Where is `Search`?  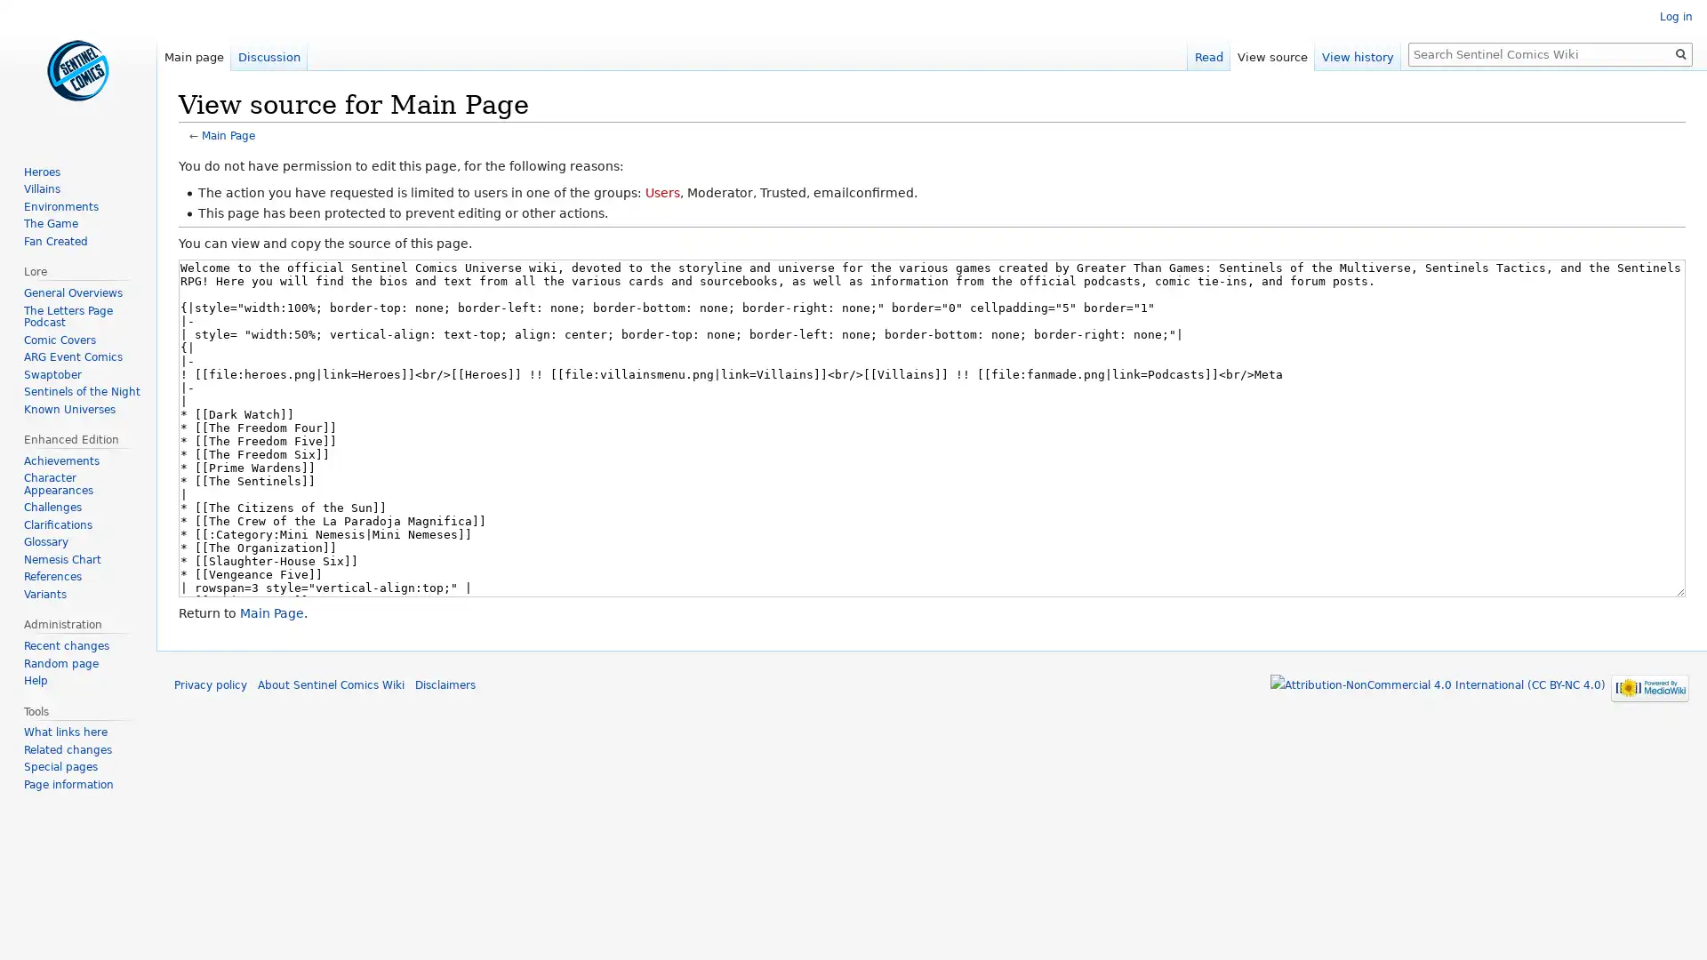 Search is located at coordinates (1680, 53).